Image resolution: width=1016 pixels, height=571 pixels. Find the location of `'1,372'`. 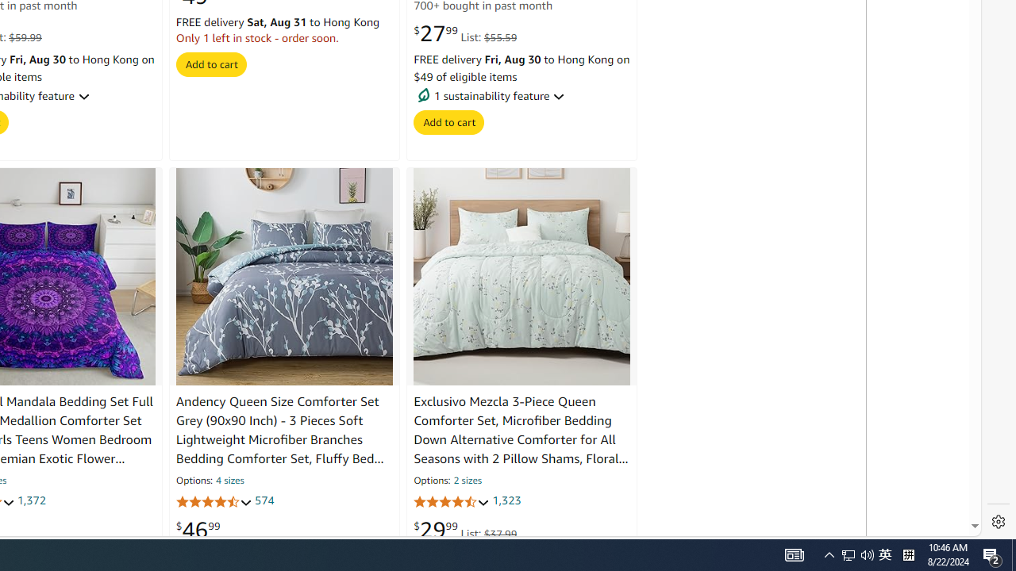

'1,372' is located at coordinates (31, 501).